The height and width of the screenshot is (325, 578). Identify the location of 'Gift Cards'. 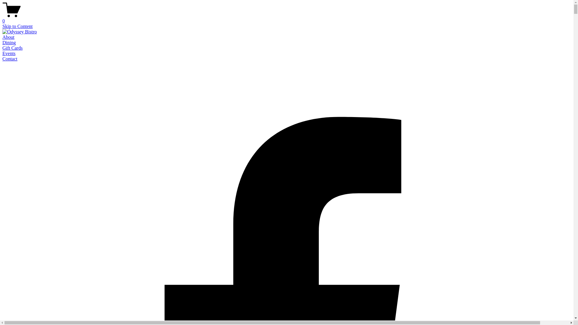
(12, 48).